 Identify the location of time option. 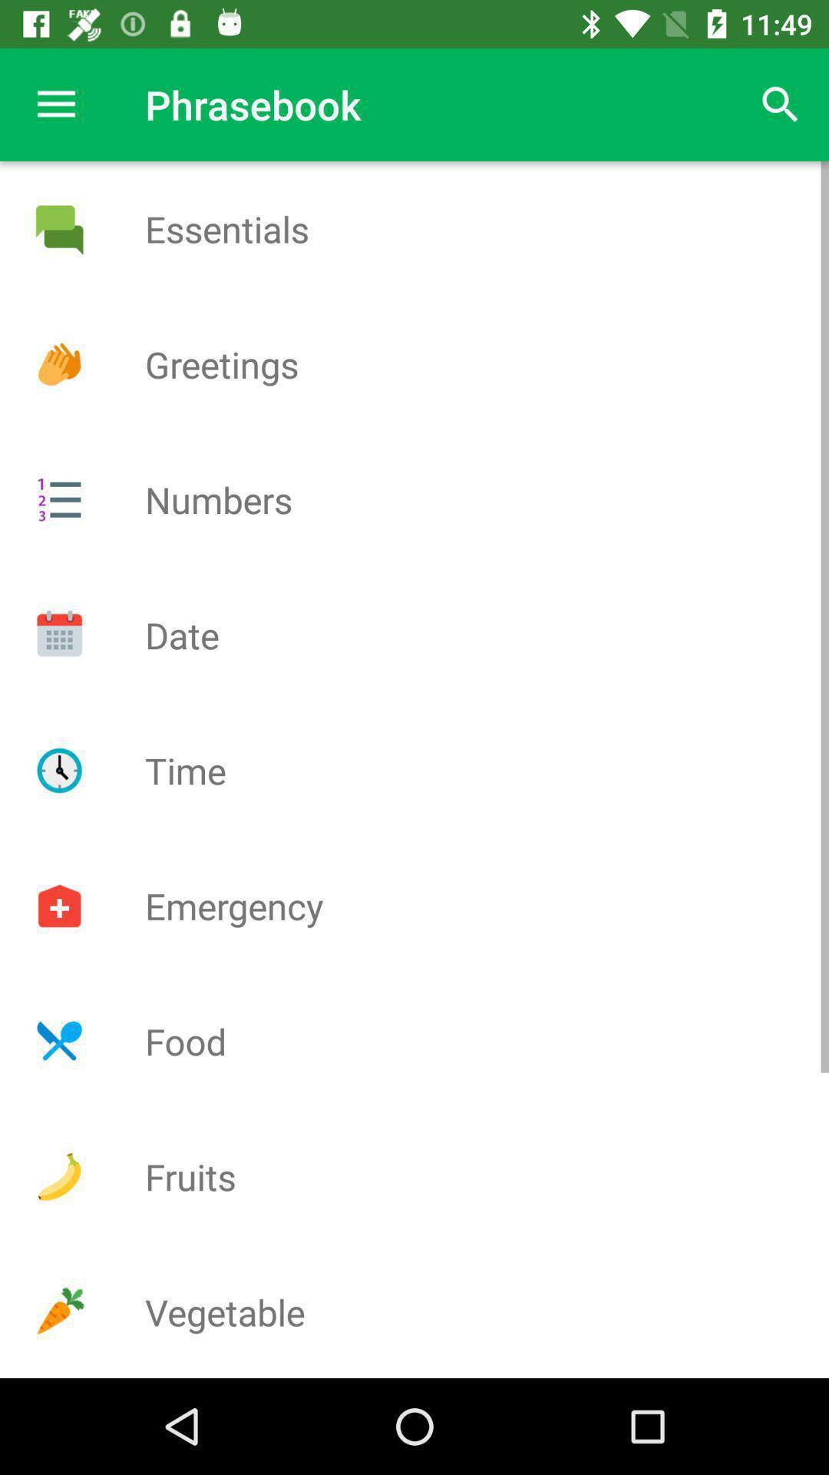
(58, 771).